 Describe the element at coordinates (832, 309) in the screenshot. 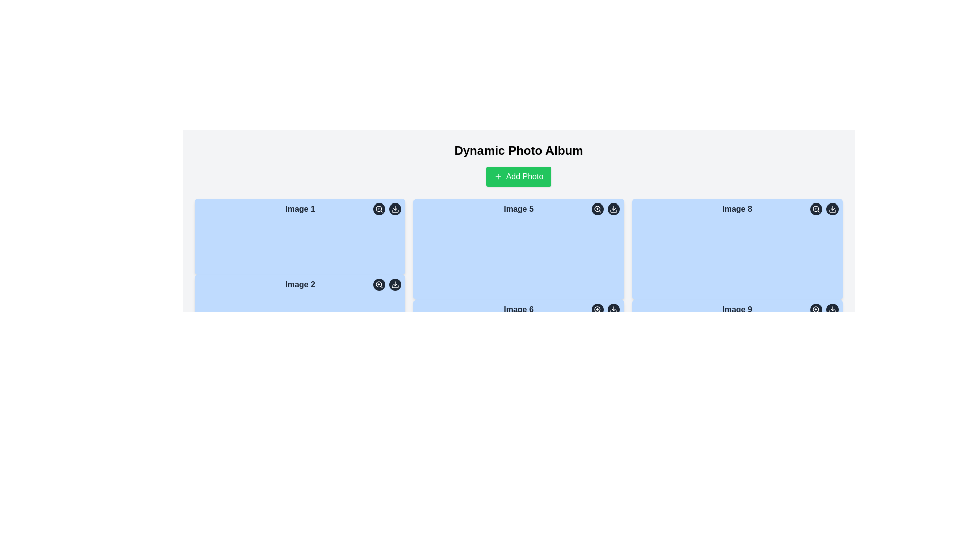

I see `the small circular button with a dark gray background and a downward arrow icon, located at the top-right corner of the card labeled 'Image 9'` at that location.